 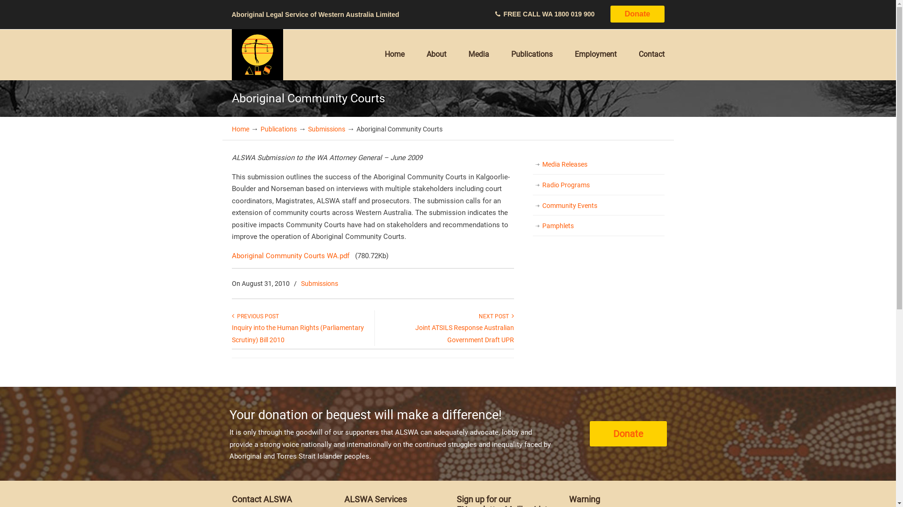 What do you see at coordinates (435, 54) in the screenshot?
I see `'About'` at bounding box center [435, 54].